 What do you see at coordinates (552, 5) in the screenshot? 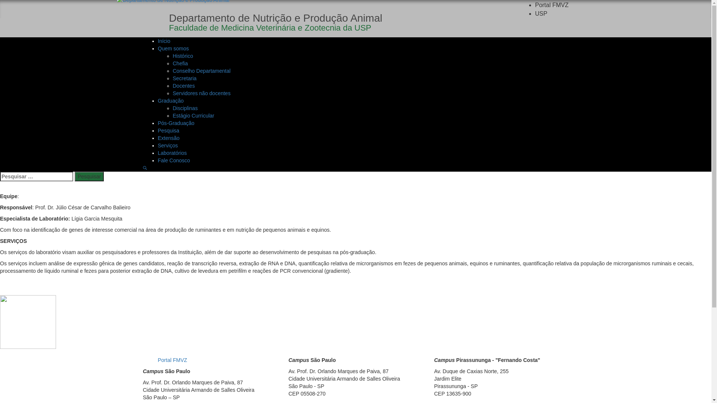
I see `'Portal FMVZ'` at bounding box center [552, 5].